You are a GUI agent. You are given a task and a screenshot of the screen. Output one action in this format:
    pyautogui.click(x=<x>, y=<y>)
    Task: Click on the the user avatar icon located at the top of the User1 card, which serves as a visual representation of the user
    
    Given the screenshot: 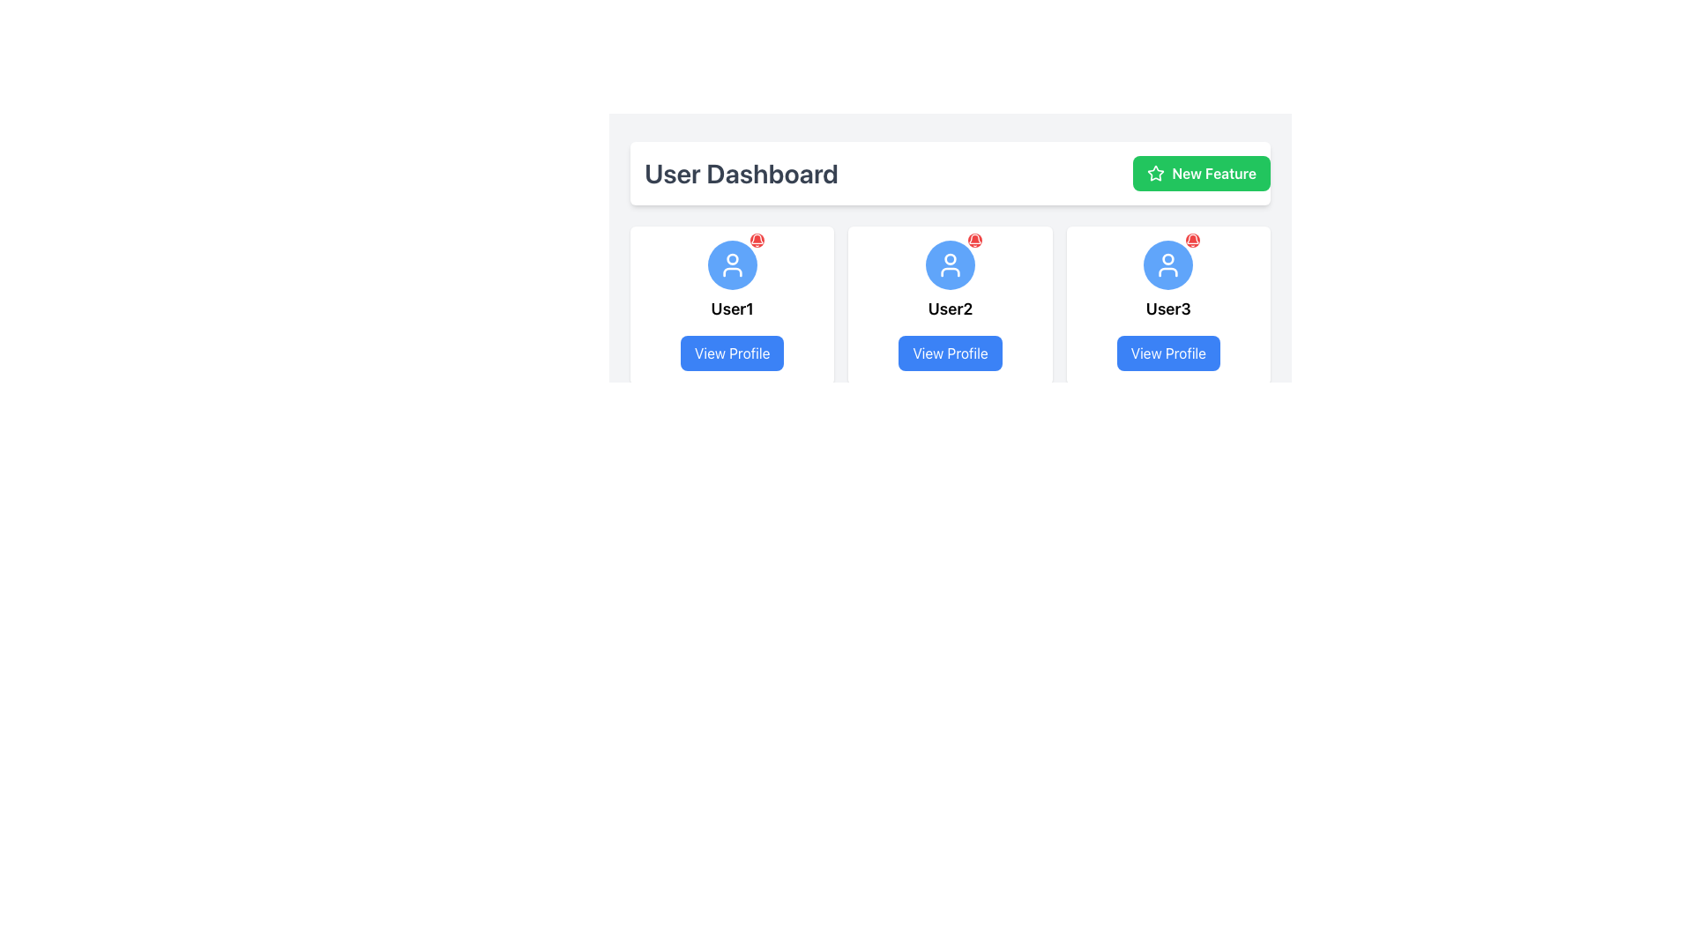 What is the action you would take?
    pyautogui.click(x=732, y=264)
    